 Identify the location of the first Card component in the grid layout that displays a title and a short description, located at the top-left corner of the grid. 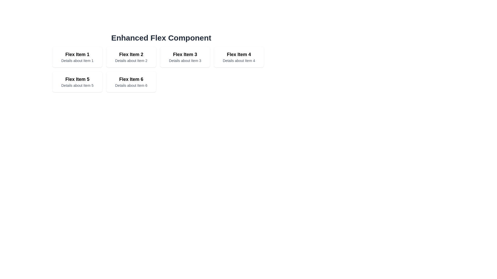
(77, 57).